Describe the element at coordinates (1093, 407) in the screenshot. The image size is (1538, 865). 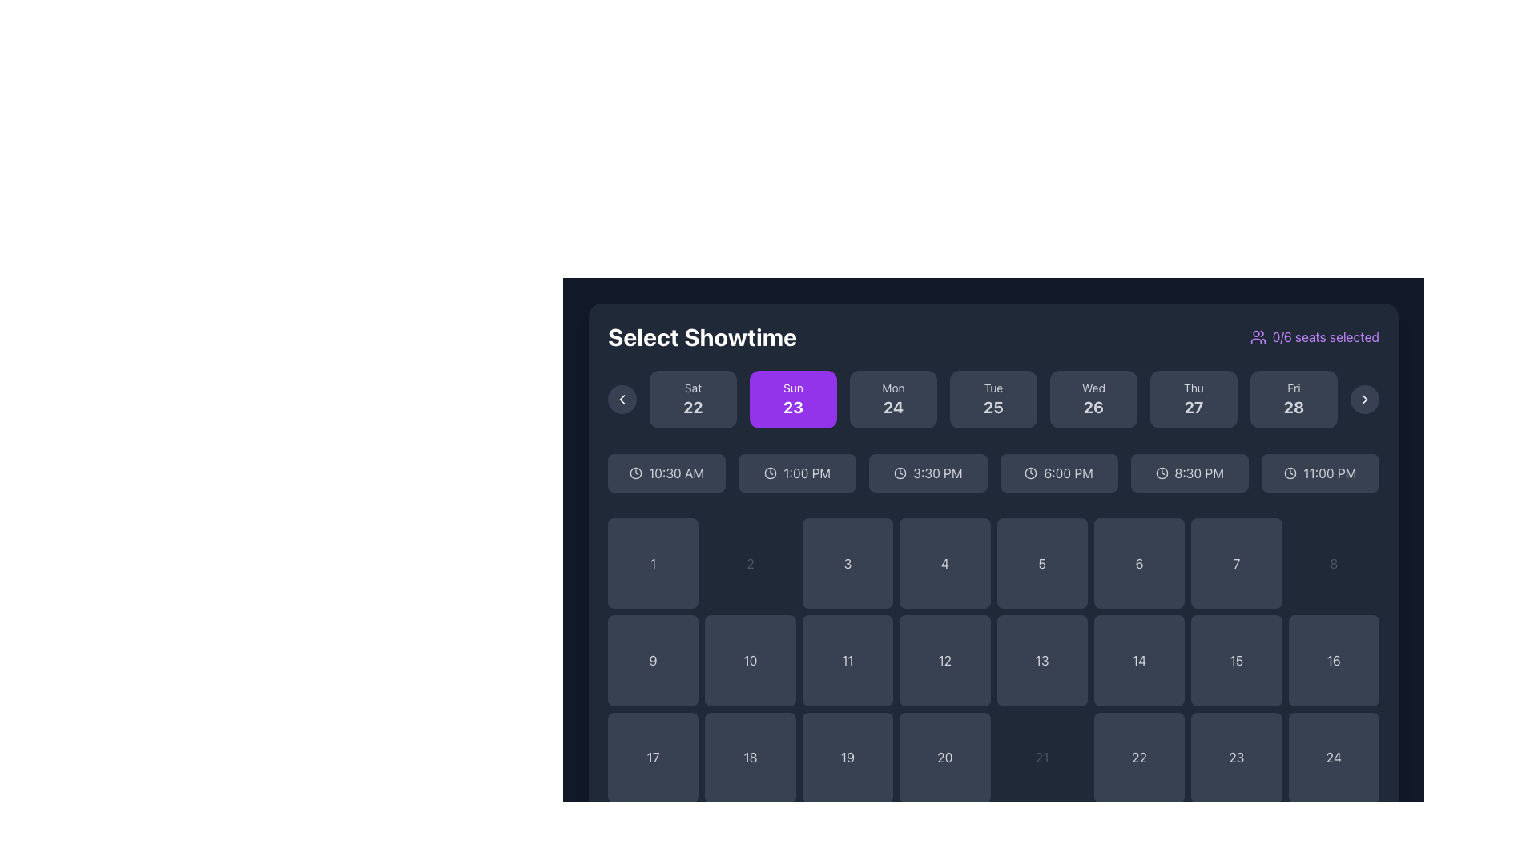
I see `displayed day value from the text label showing '26' in bold white font, located in the interactive date selector for 'Wednesday'` at that location.